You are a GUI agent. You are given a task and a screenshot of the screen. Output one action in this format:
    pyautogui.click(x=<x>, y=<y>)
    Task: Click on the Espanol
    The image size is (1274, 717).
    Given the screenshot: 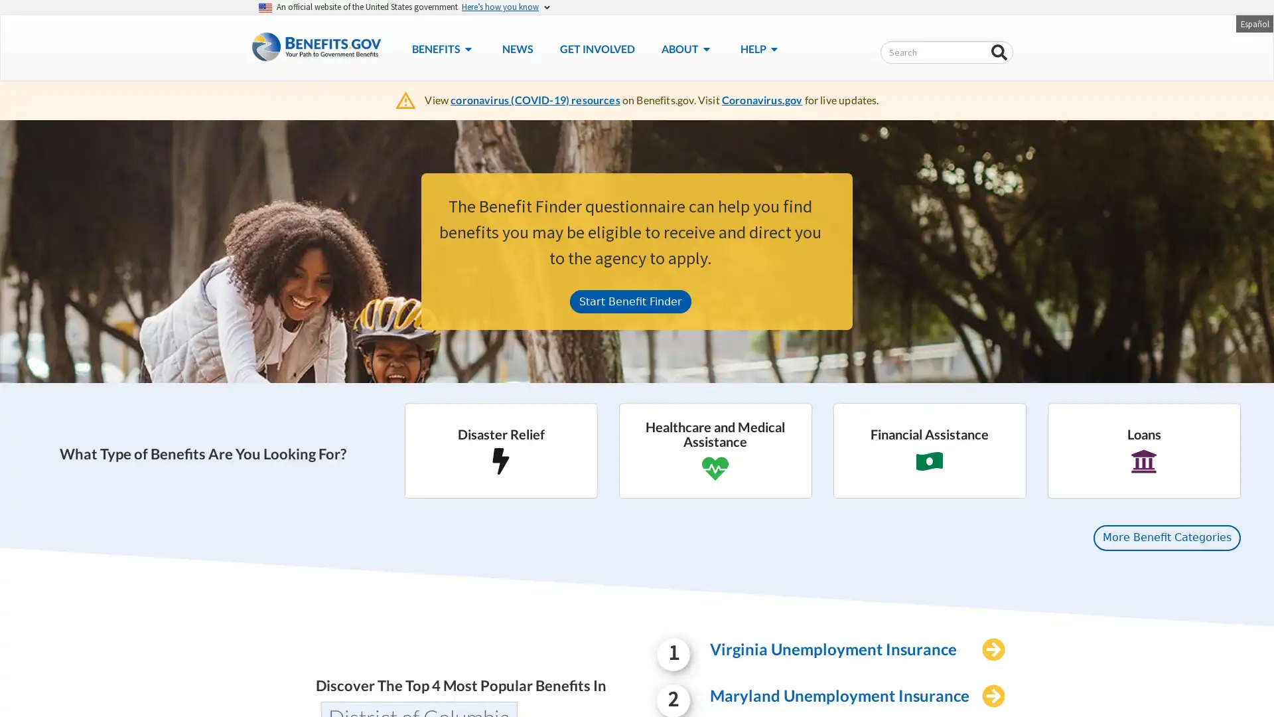 What is the action you would take?
    pyautogui.click(x=1253, y=23)
    